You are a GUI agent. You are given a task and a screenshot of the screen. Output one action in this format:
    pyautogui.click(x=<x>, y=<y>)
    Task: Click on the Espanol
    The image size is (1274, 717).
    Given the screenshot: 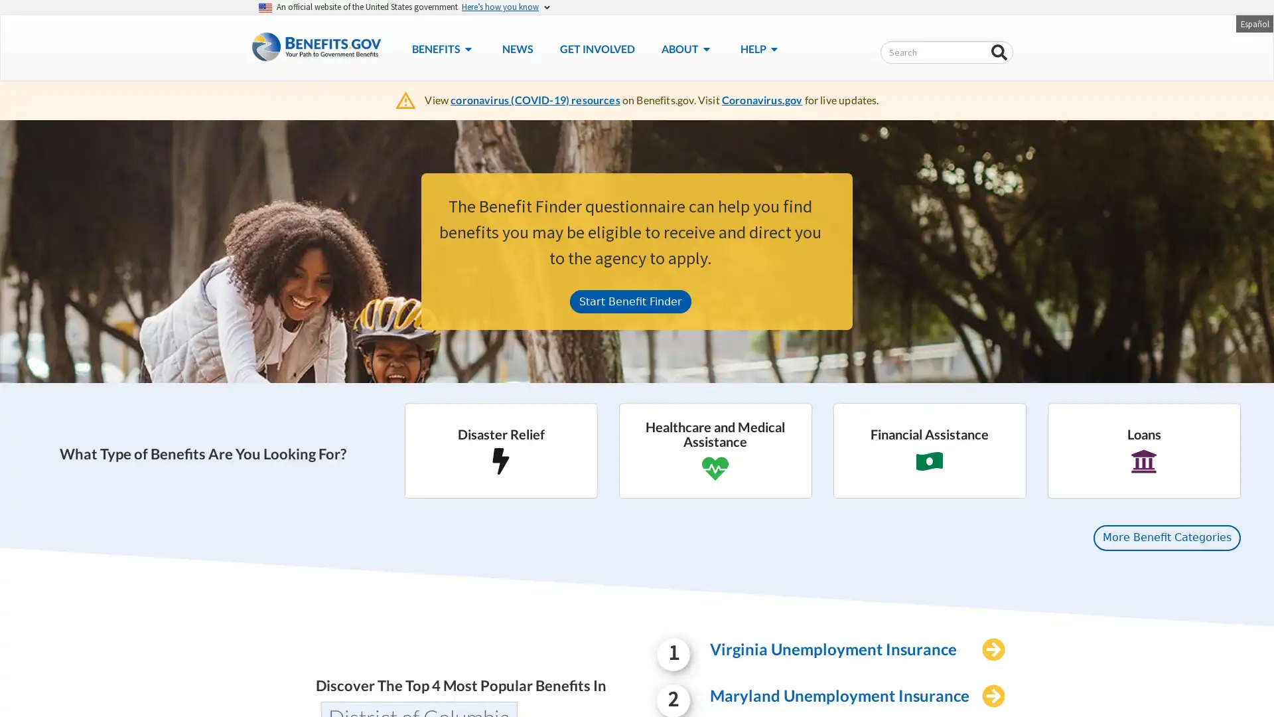 What is the action you would take?
    pyautogui.click(x=1253, y=23)
    